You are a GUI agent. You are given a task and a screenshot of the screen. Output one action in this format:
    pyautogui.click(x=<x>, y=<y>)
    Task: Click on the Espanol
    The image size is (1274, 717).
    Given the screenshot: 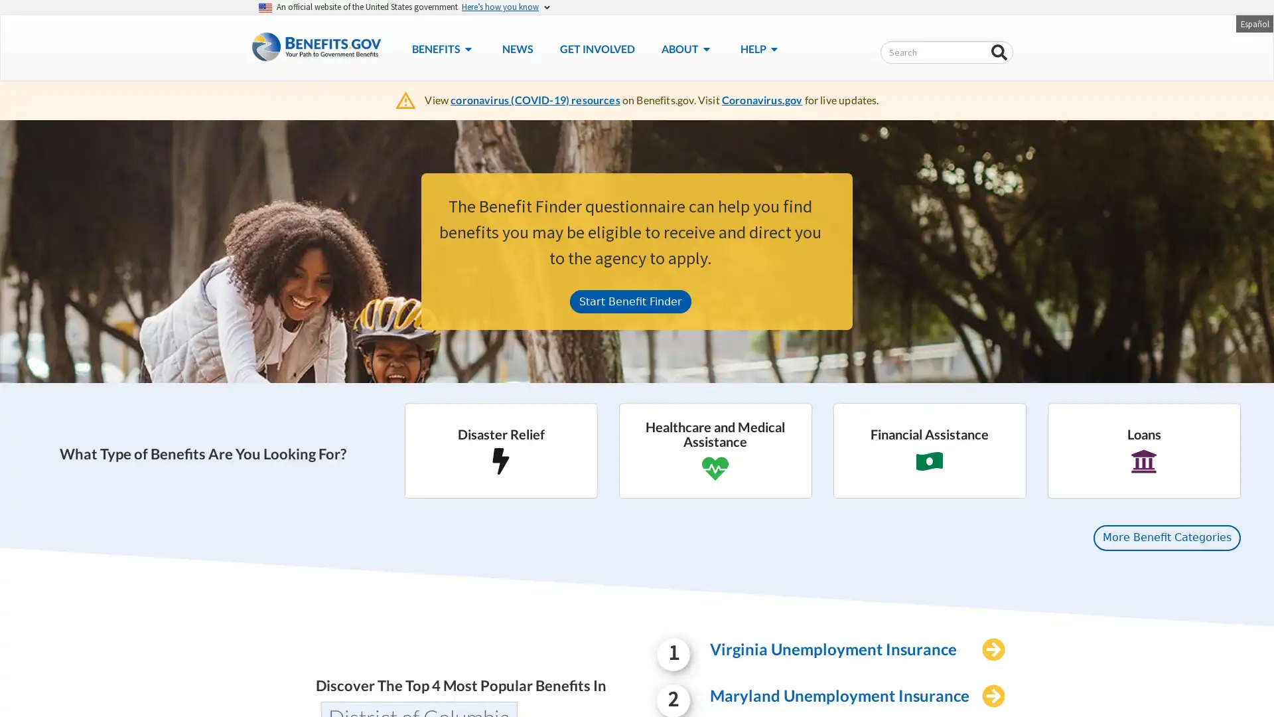 What is the action you would take?
    pyautogui.click(x=1253, y=23)
    